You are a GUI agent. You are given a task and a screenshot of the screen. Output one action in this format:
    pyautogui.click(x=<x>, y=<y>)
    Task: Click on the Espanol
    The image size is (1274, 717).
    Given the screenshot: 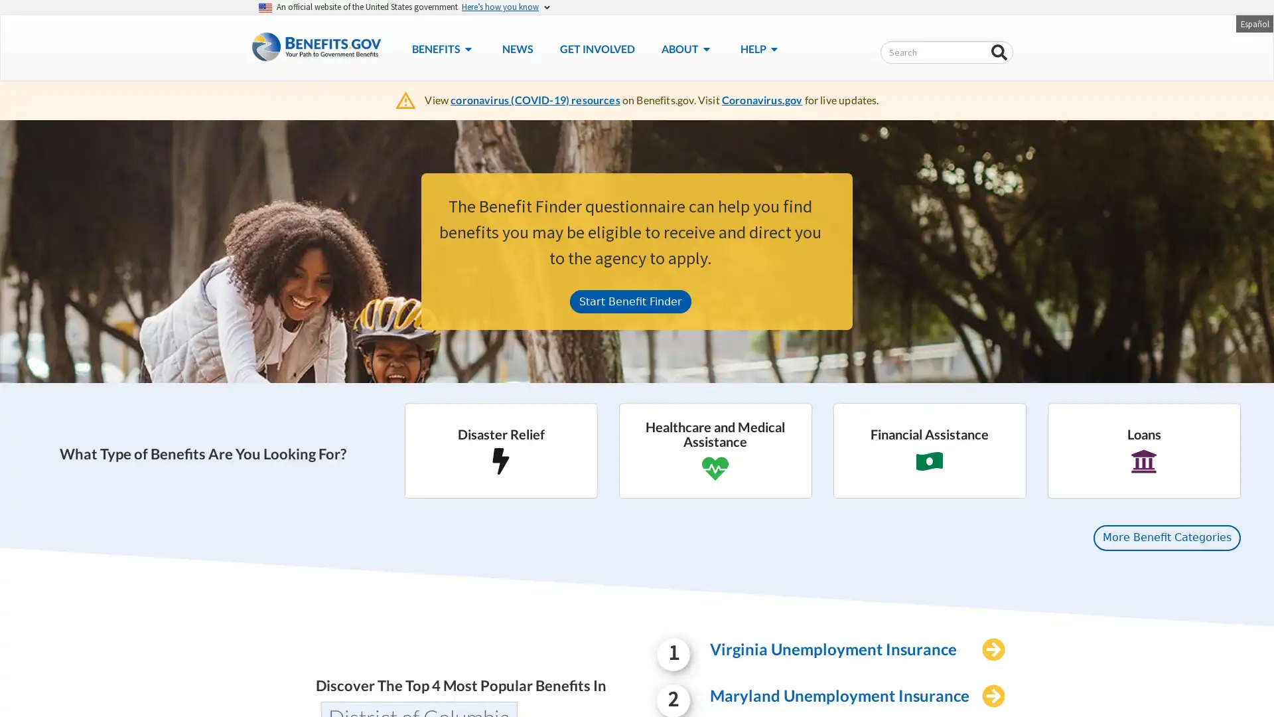 What is the action you would take?
    pyautogui.click(x=1253, y=23)
    